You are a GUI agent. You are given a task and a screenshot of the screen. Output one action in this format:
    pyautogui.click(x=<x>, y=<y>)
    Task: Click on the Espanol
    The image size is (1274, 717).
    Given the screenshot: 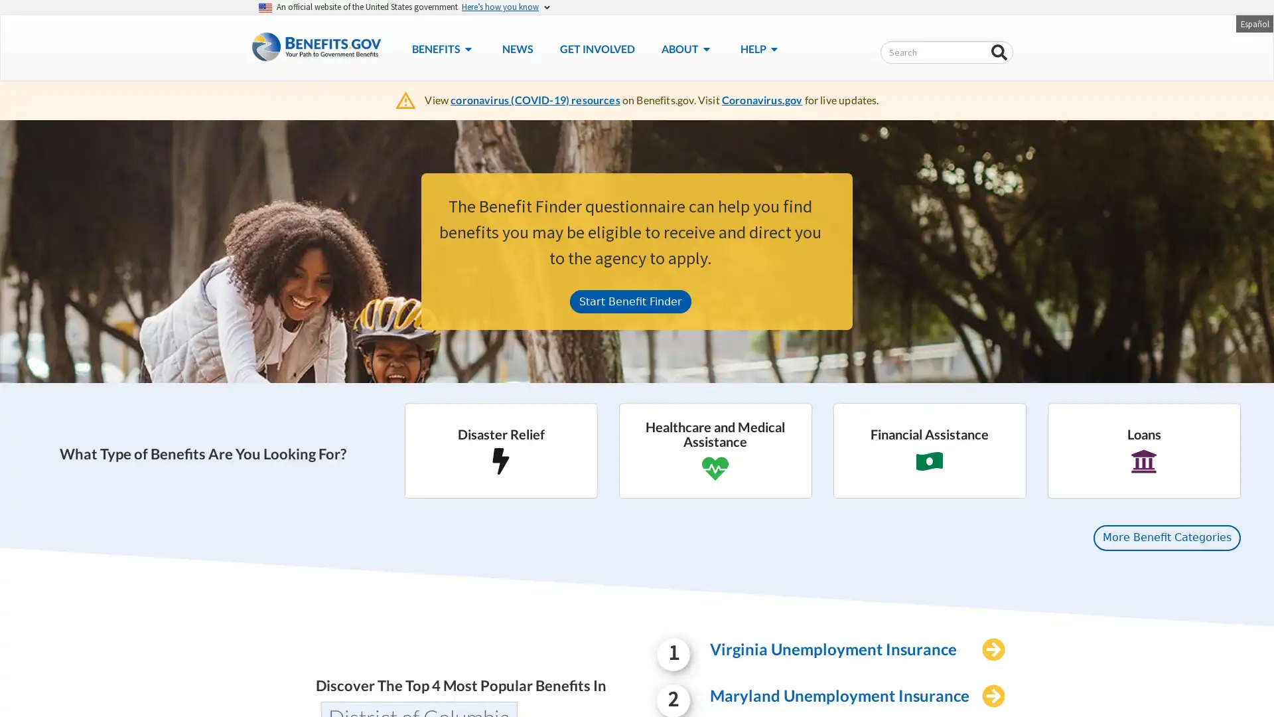 What is the action you would take?
    pyautogui.click(x=1253, y=23)
    